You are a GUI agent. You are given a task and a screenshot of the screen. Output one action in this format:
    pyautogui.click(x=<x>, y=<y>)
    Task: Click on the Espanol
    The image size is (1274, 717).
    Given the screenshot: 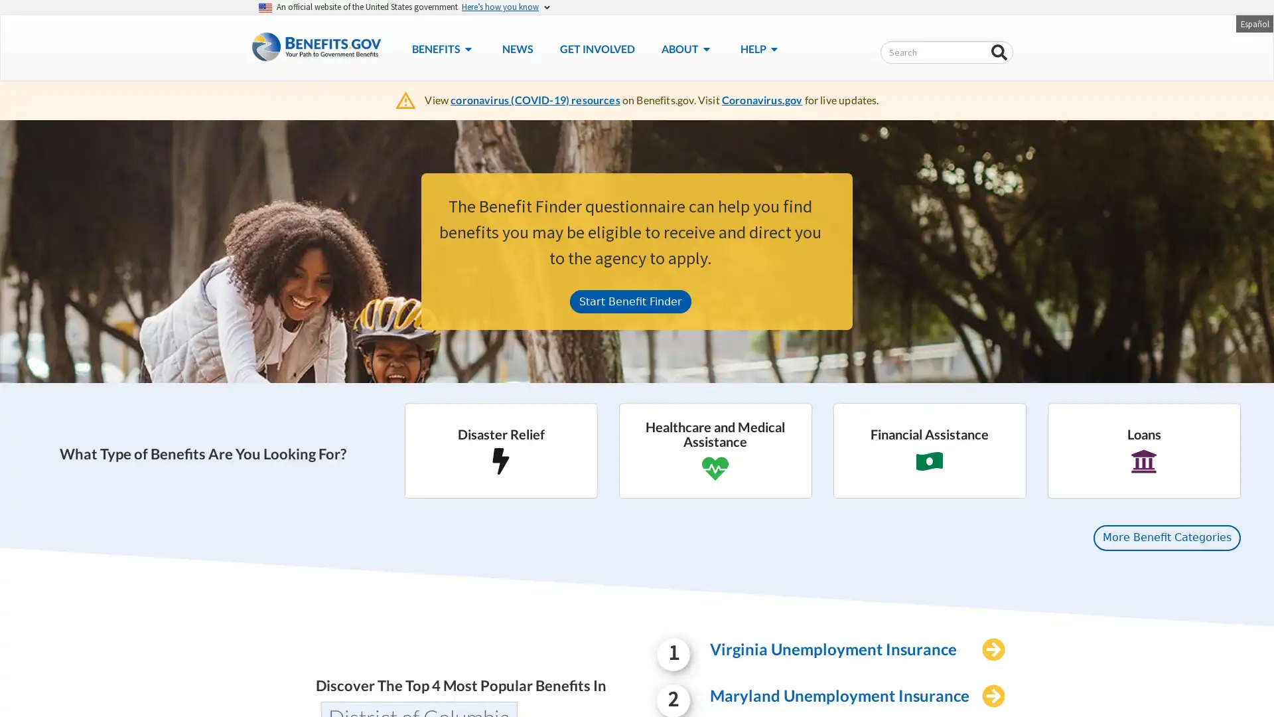 What is the action you would take?
    pyautogui.click(x=1253, y=23)
    